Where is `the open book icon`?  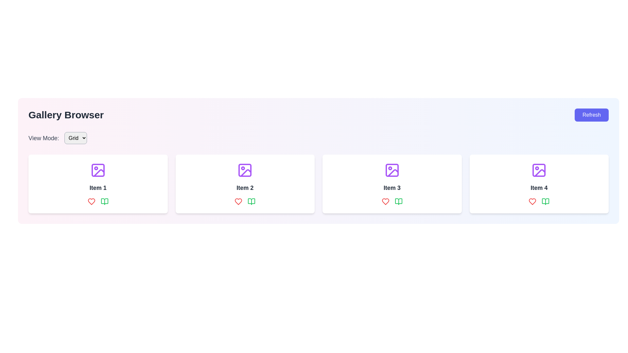 the open book icon is located at coordinates (392, 201).